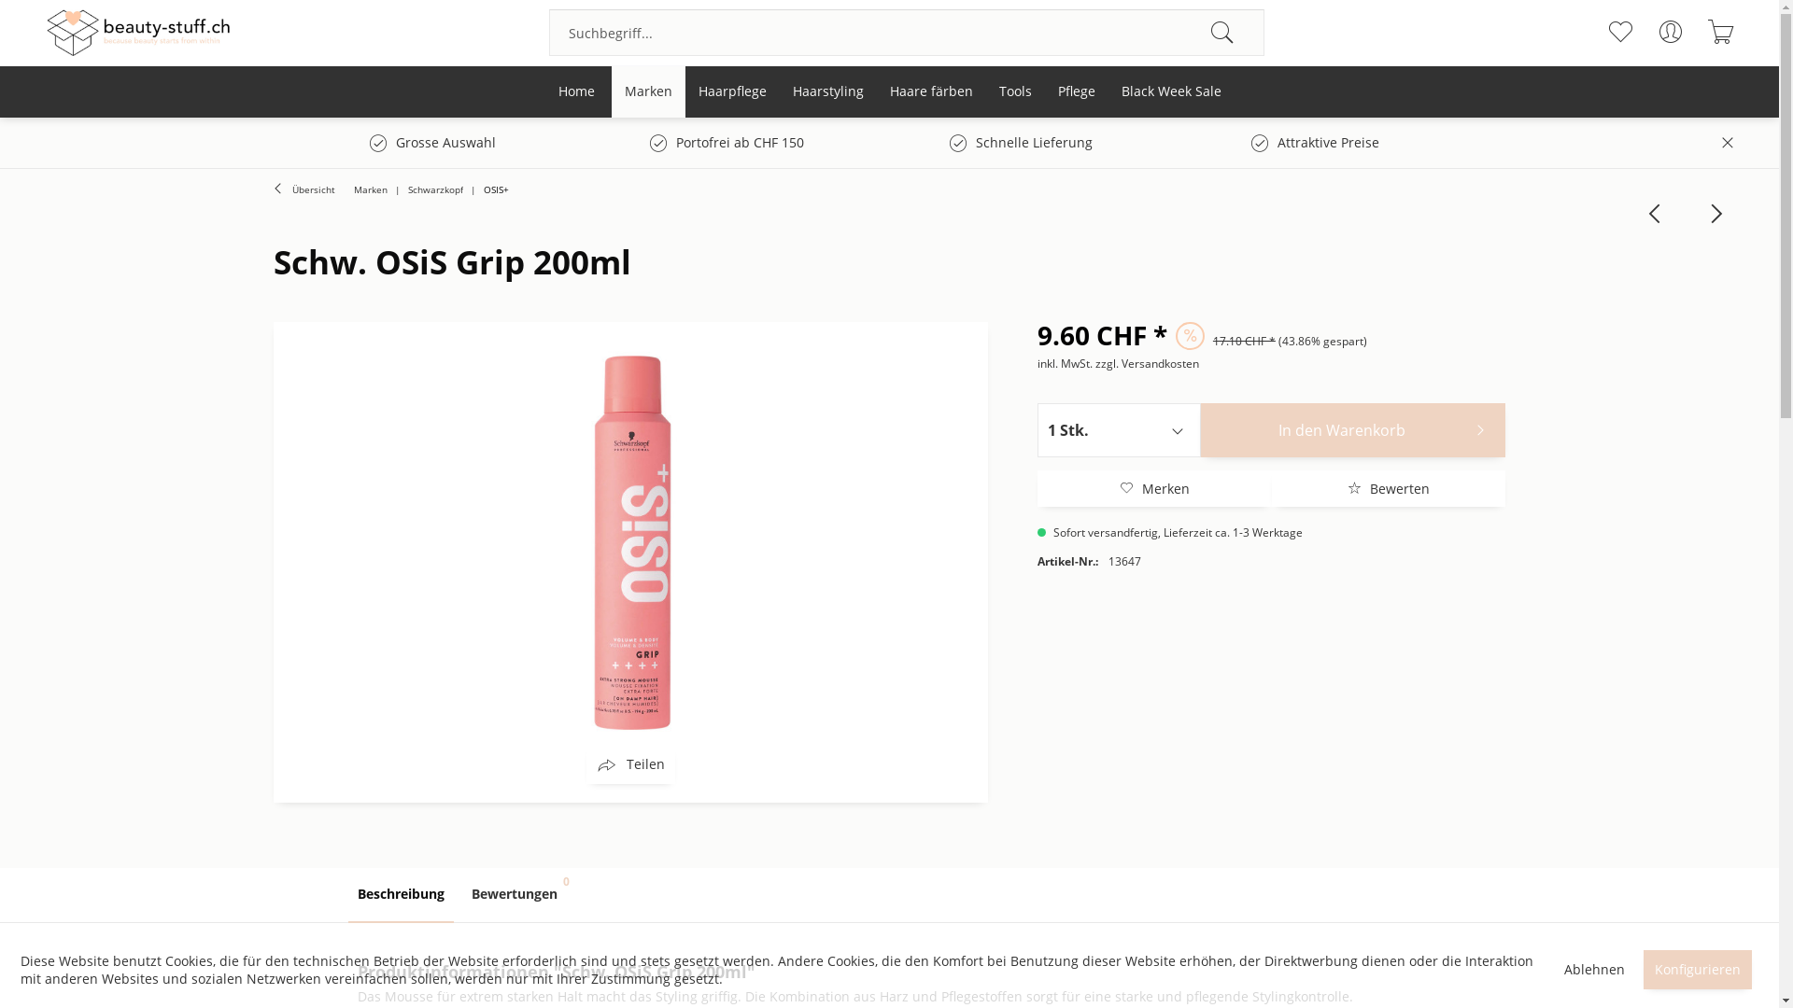 The width and height of the screenshot is (1793, 1008). What do you see at coordinates (826, 91) in the screenshot?
I see `'Haarstyling'` at bounding box center [826, 91].